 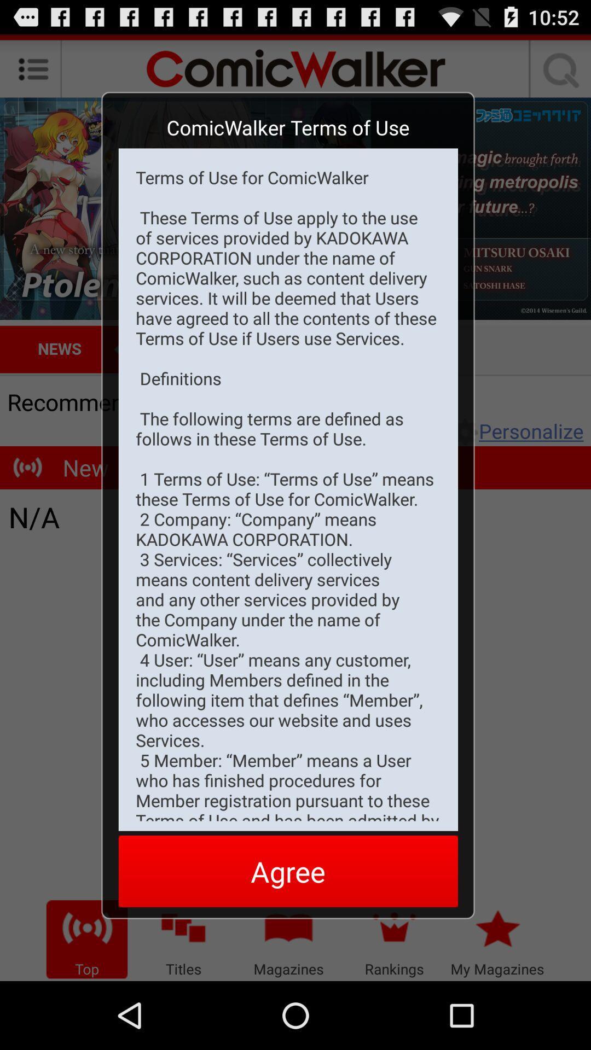 What do you see at coordinates (287, 871) in the screenshot?
I see `item below terms of use item` at bounding box center [287, 871].